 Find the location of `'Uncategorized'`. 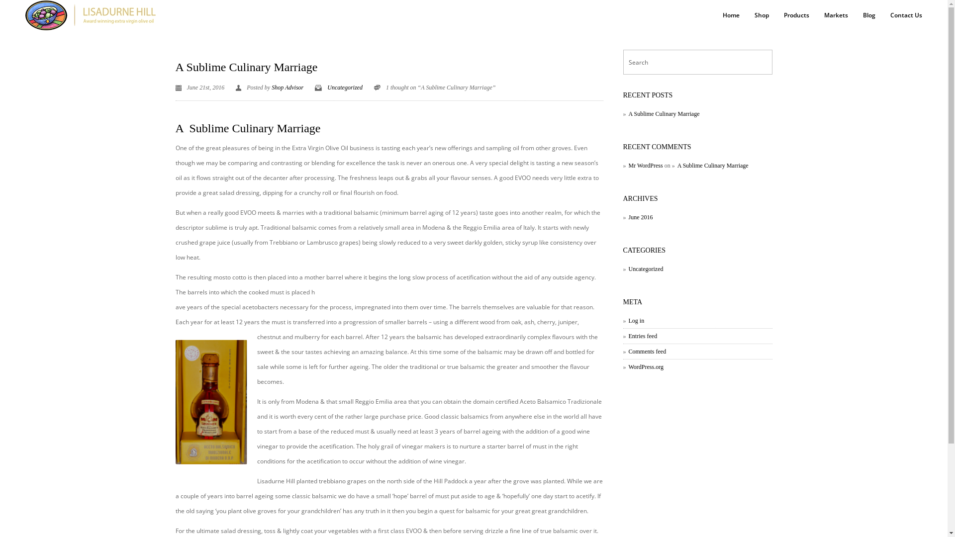

'Uncategorized' is located at coordinates (327, 87).